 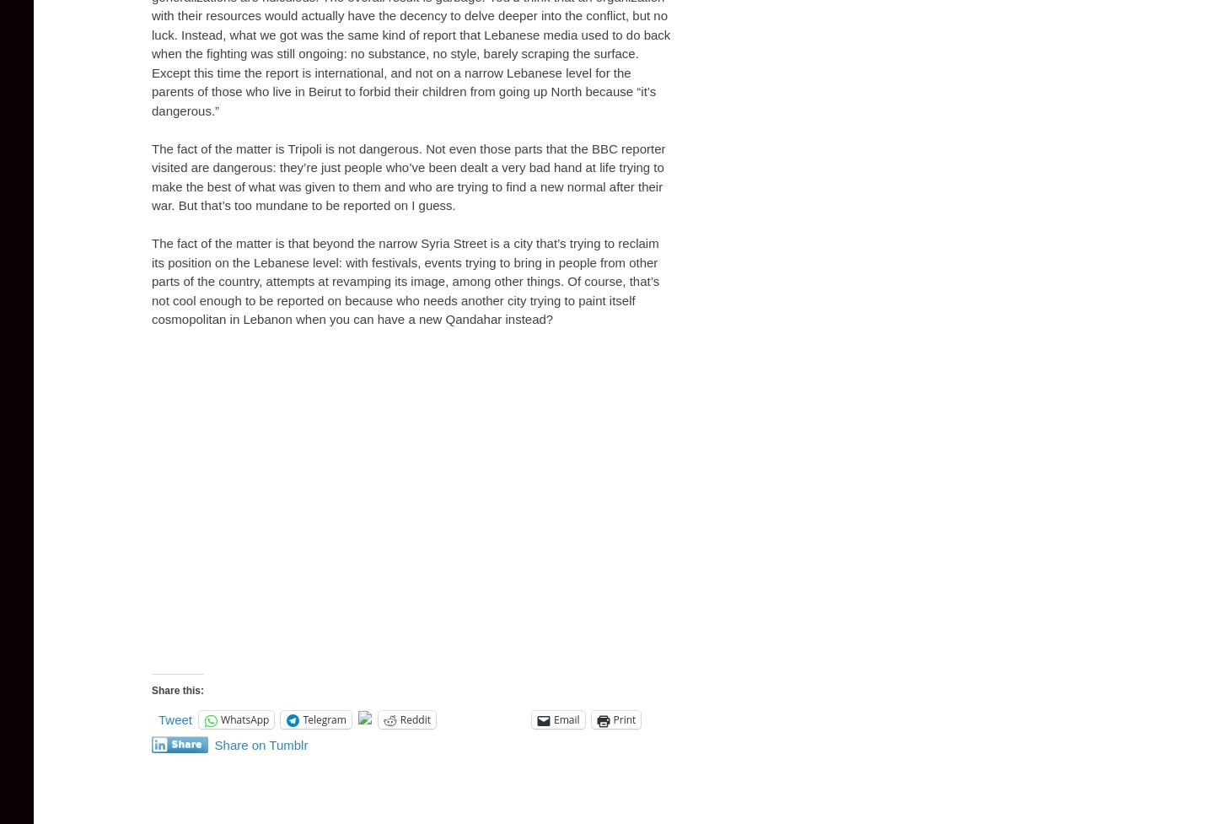 What do you see at coordinates (213, 744) in the screenshot?
I see `'Share on Tumblr'` at bounding box center [213, 744].